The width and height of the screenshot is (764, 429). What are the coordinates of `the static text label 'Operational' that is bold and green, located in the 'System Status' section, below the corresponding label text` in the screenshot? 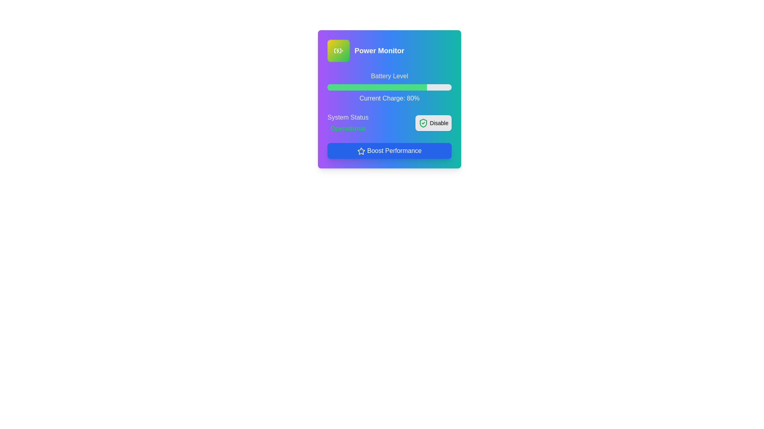 It's located at (348, 128).